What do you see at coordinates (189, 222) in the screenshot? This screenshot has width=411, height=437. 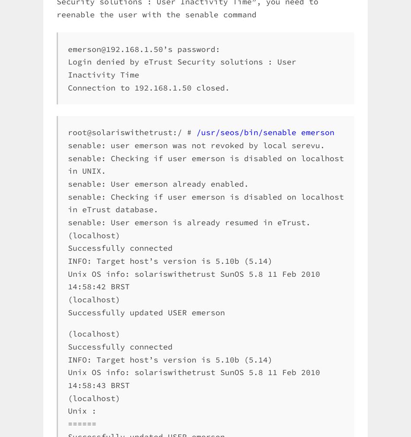 I see `'senable: User emerson is already resumed in eTrust.'` at bounding box center [189, 222].